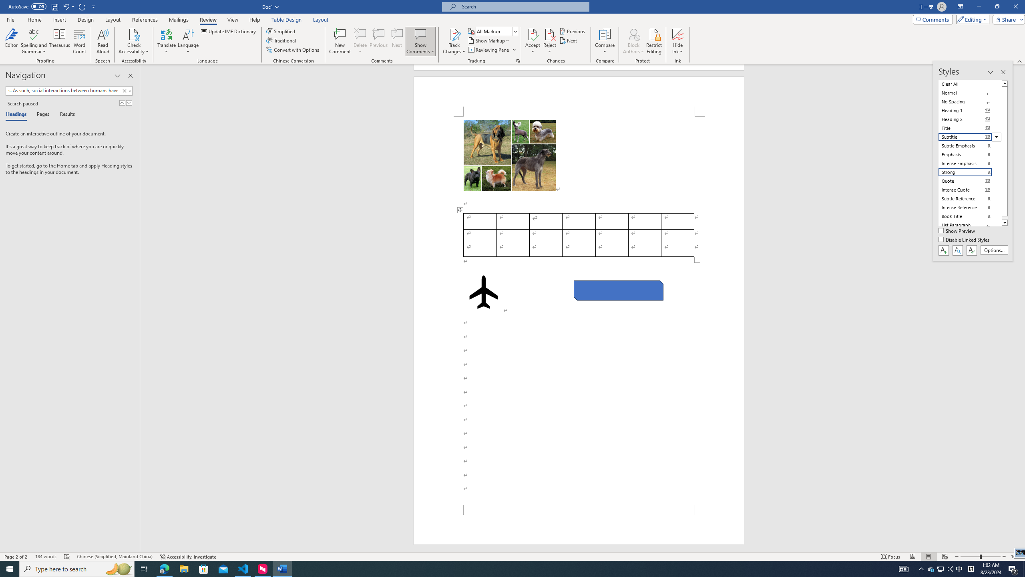 Image resolution: width=1025 pixels, height=577 pixels. Describe the element at coordinates (579, 310) in the screenshot. I see `'Page 2 content'` at that location.